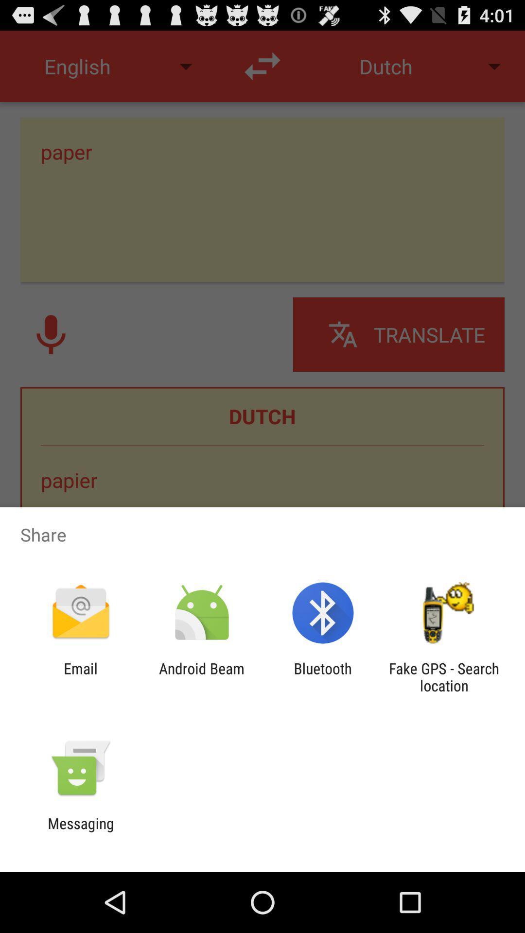 The width and height of the screenshot is (525, 933). Describe the element at coordinates (201, 676) in the screenshot. I see `the item next to email icon` at that location.